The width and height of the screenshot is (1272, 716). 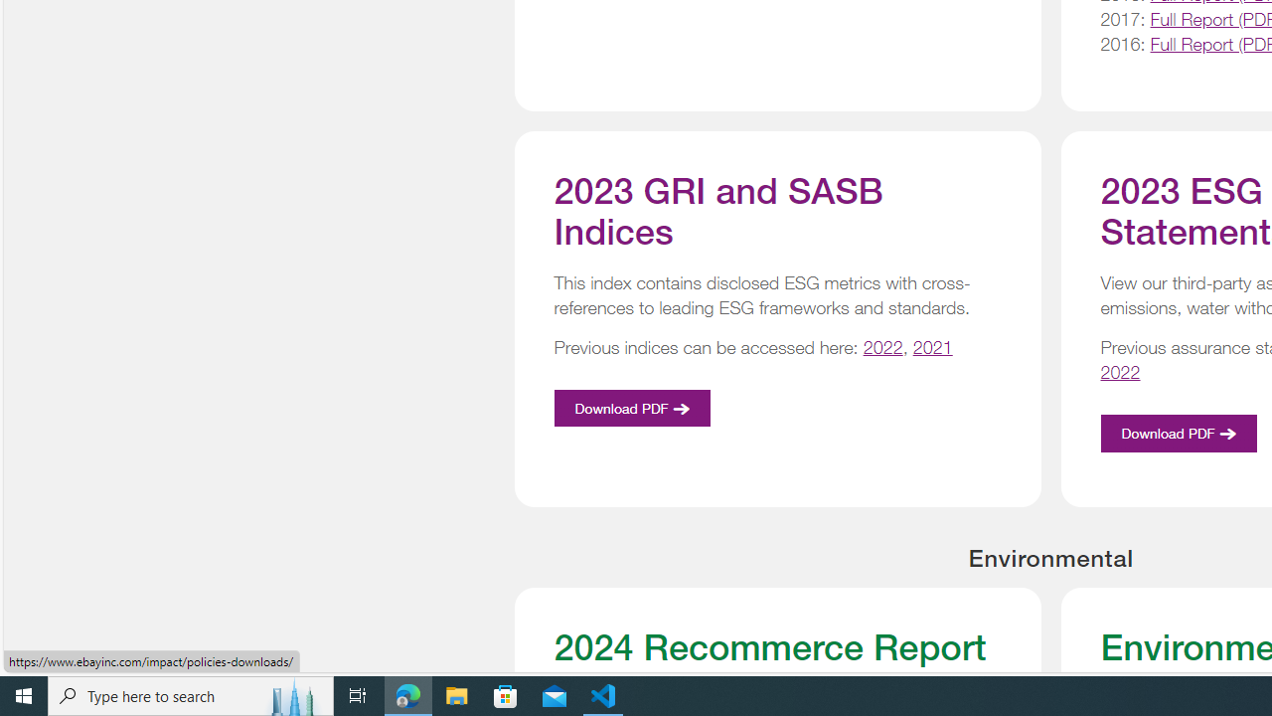 I want to click on '2021', so click(x=931, y=346).